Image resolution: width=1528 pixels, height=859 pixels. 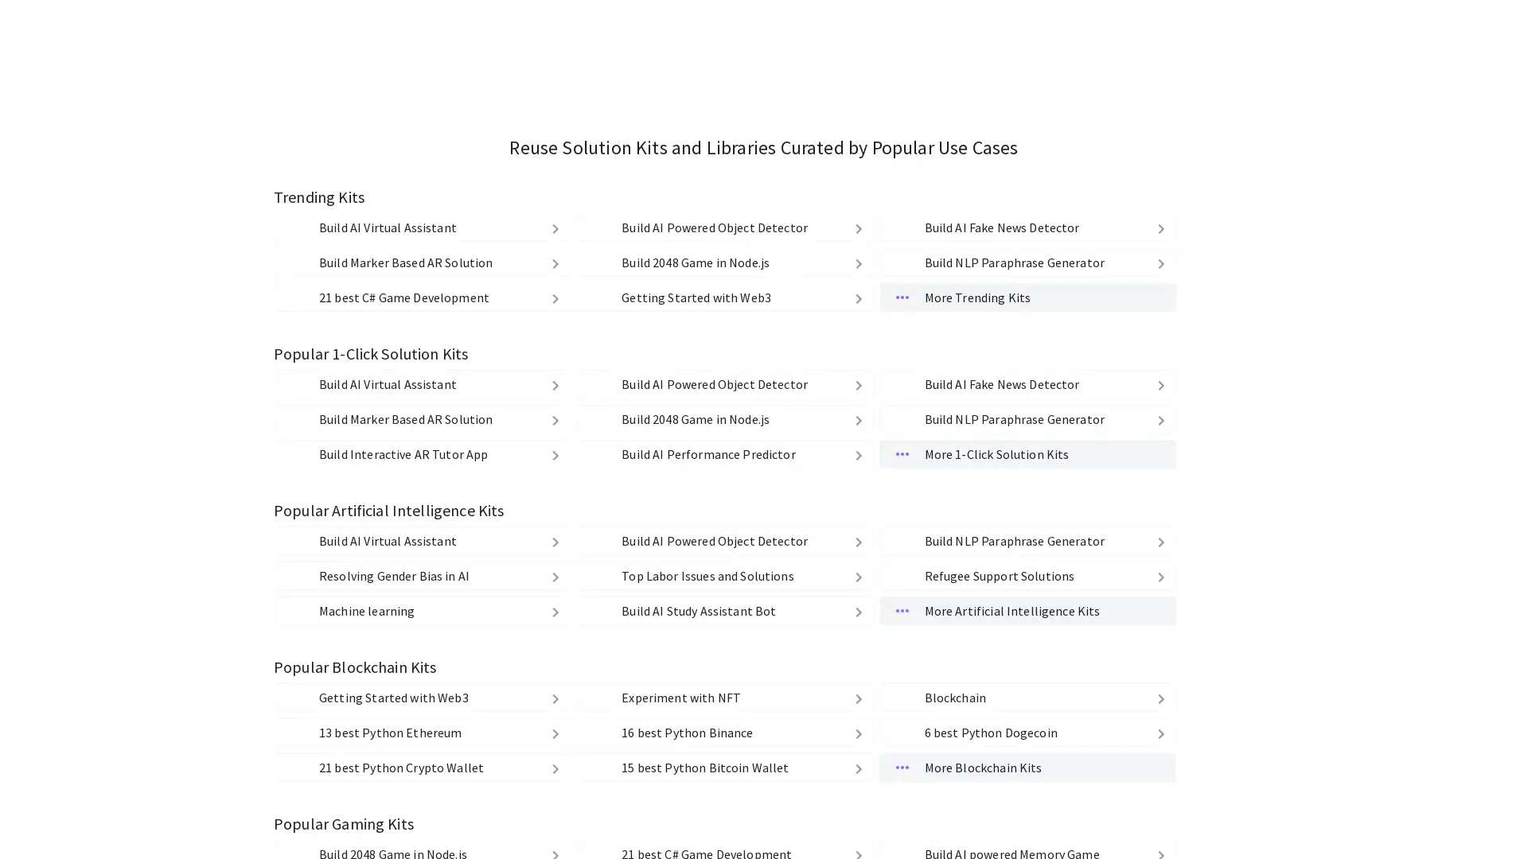 What do you see at coordinates (1027, 625) in the screenshot?
I see `spotting-fake-news Build AI Fake News Detector` at bounding box center [1027, 625].